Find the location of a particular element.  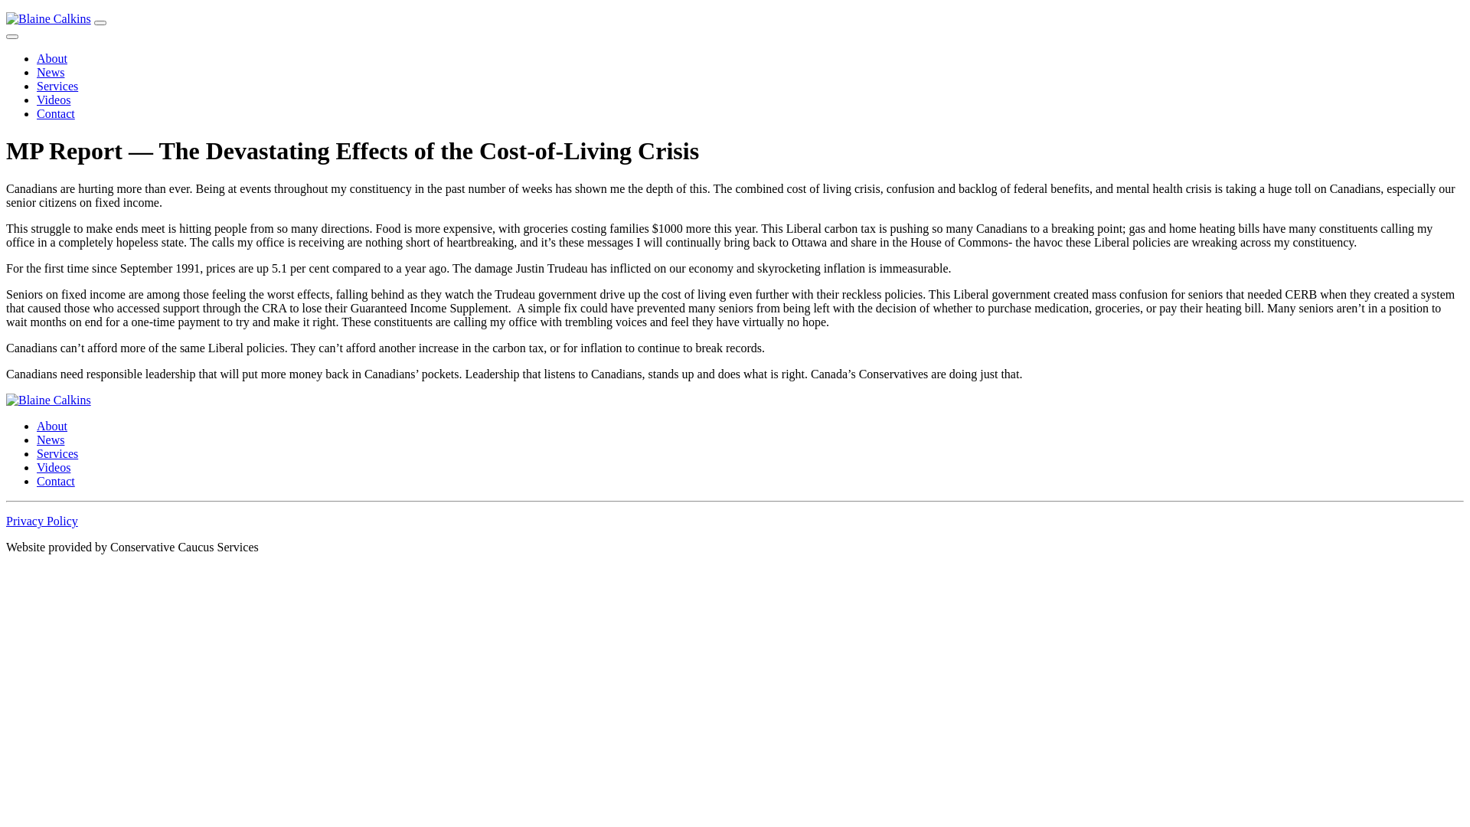

'News' is located at coordinates (37, 72).